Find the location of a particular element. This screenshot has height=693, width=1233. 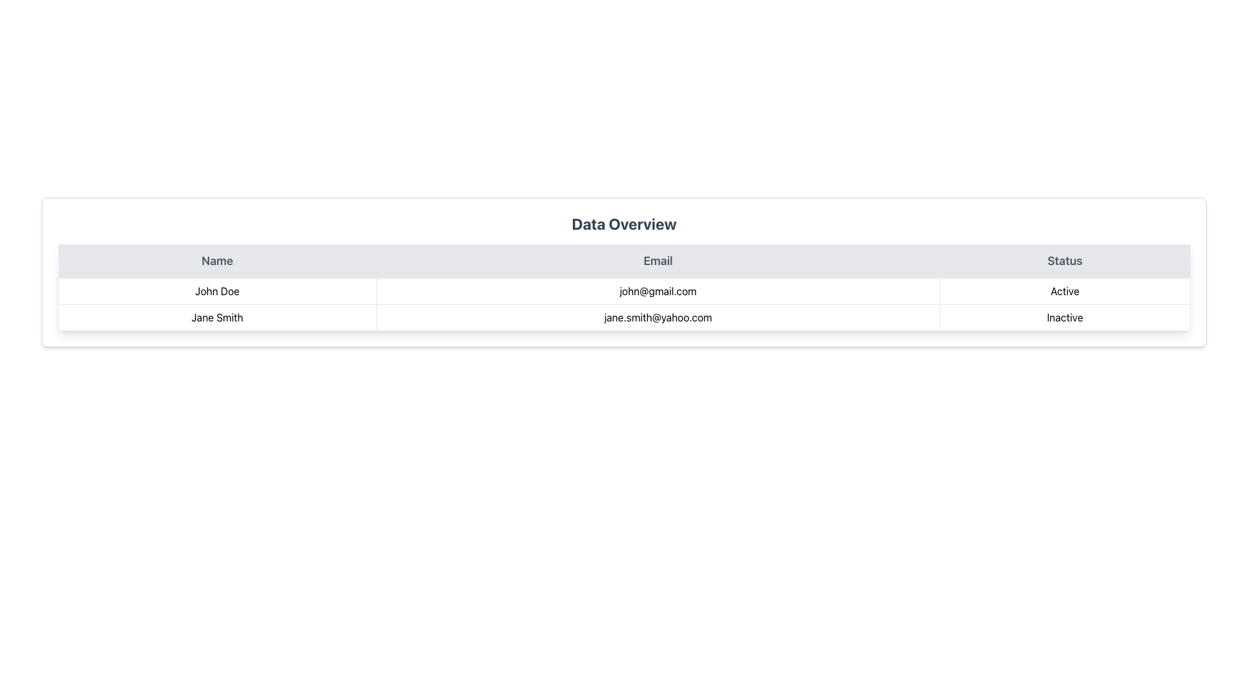

the first row of the data table that displays a user's information, located beneath the header row is located at coordinates (624, 291).